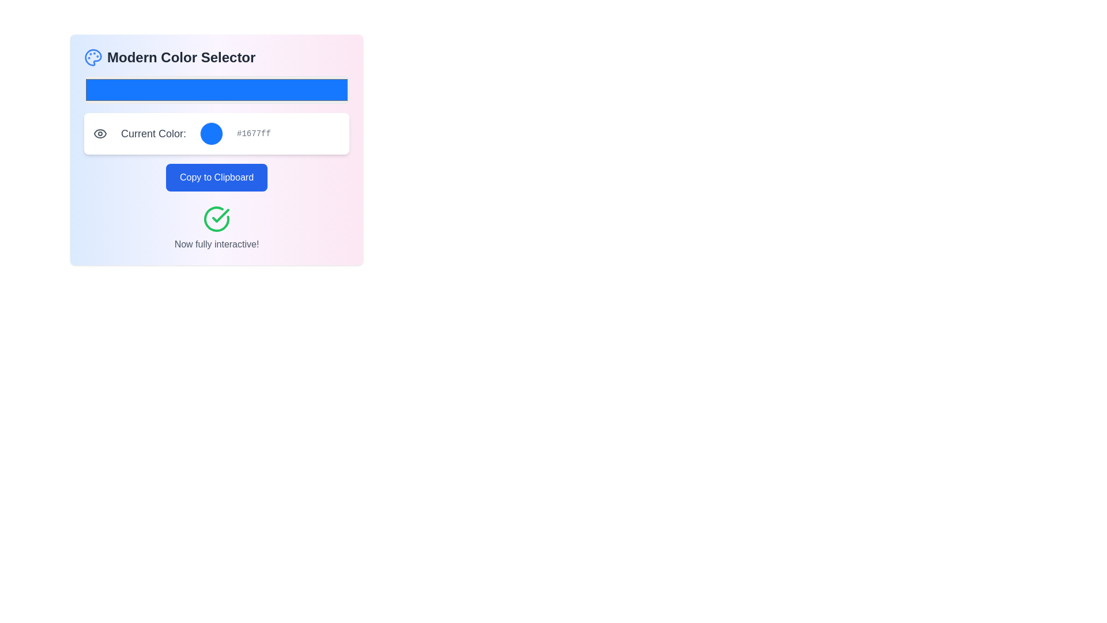 The image size is (1107, 623). What do you see at coordinates (216, 219) in the screenshot?
I see `the circular icon with a green checkmark located above the text 'Now fully interactive!', positioned in the bottom section of the interface card` at bounding box center [216, 219].